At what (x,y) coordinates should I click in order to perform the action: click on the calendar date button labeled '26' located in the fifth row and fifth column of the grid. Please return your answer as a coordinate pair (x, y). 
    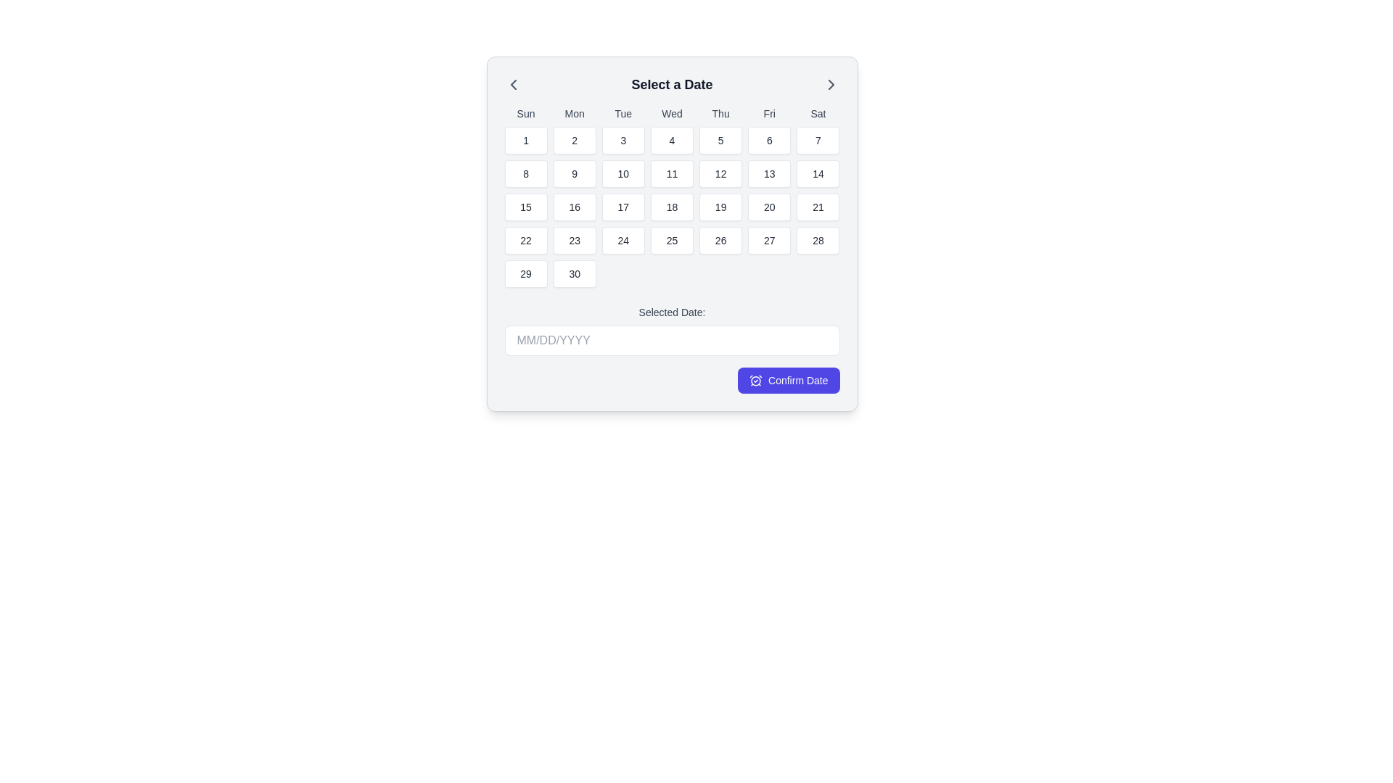
    Looking at the image, I should click on (720, 239).